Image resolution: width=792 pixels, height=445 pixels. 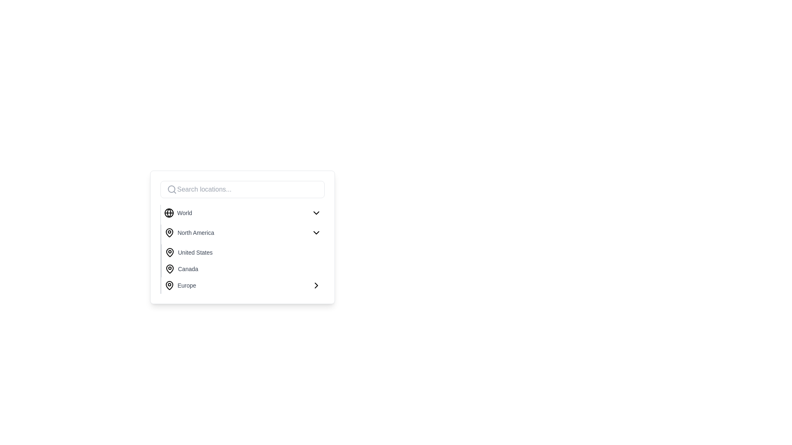 What do you see at coordinates (242, 285) in the screenshot?
I see `the dropdown menu item for 'Europe', which is the last option in a vertical list of region options, located just before the end of the dropdown` at bounding box center [242, 285].